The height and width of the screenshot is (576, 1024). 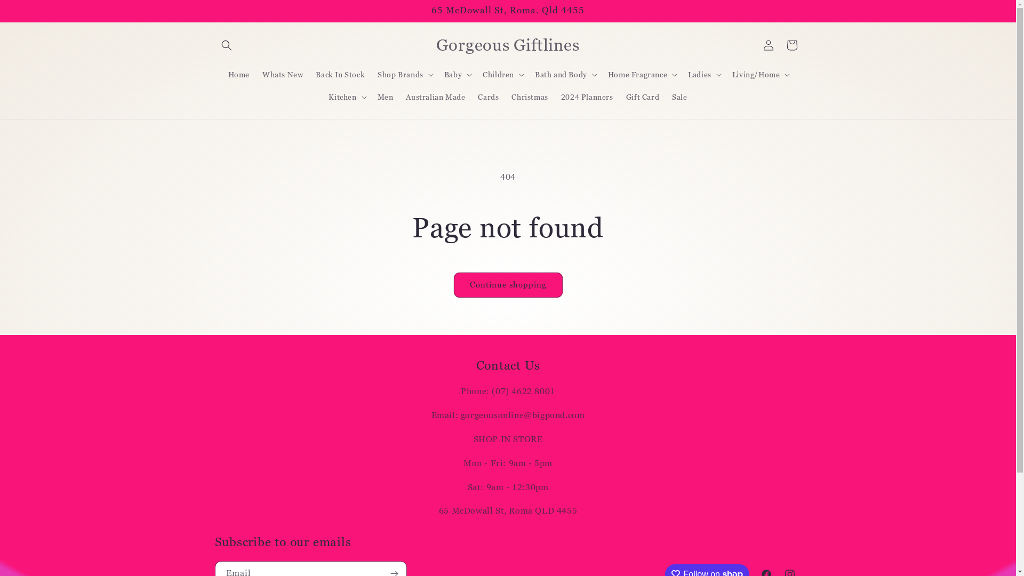 What do you see at coordinates (507, 284) in the screenshot?
I see `'Continue shopping'` at bounding box center [507, 284].